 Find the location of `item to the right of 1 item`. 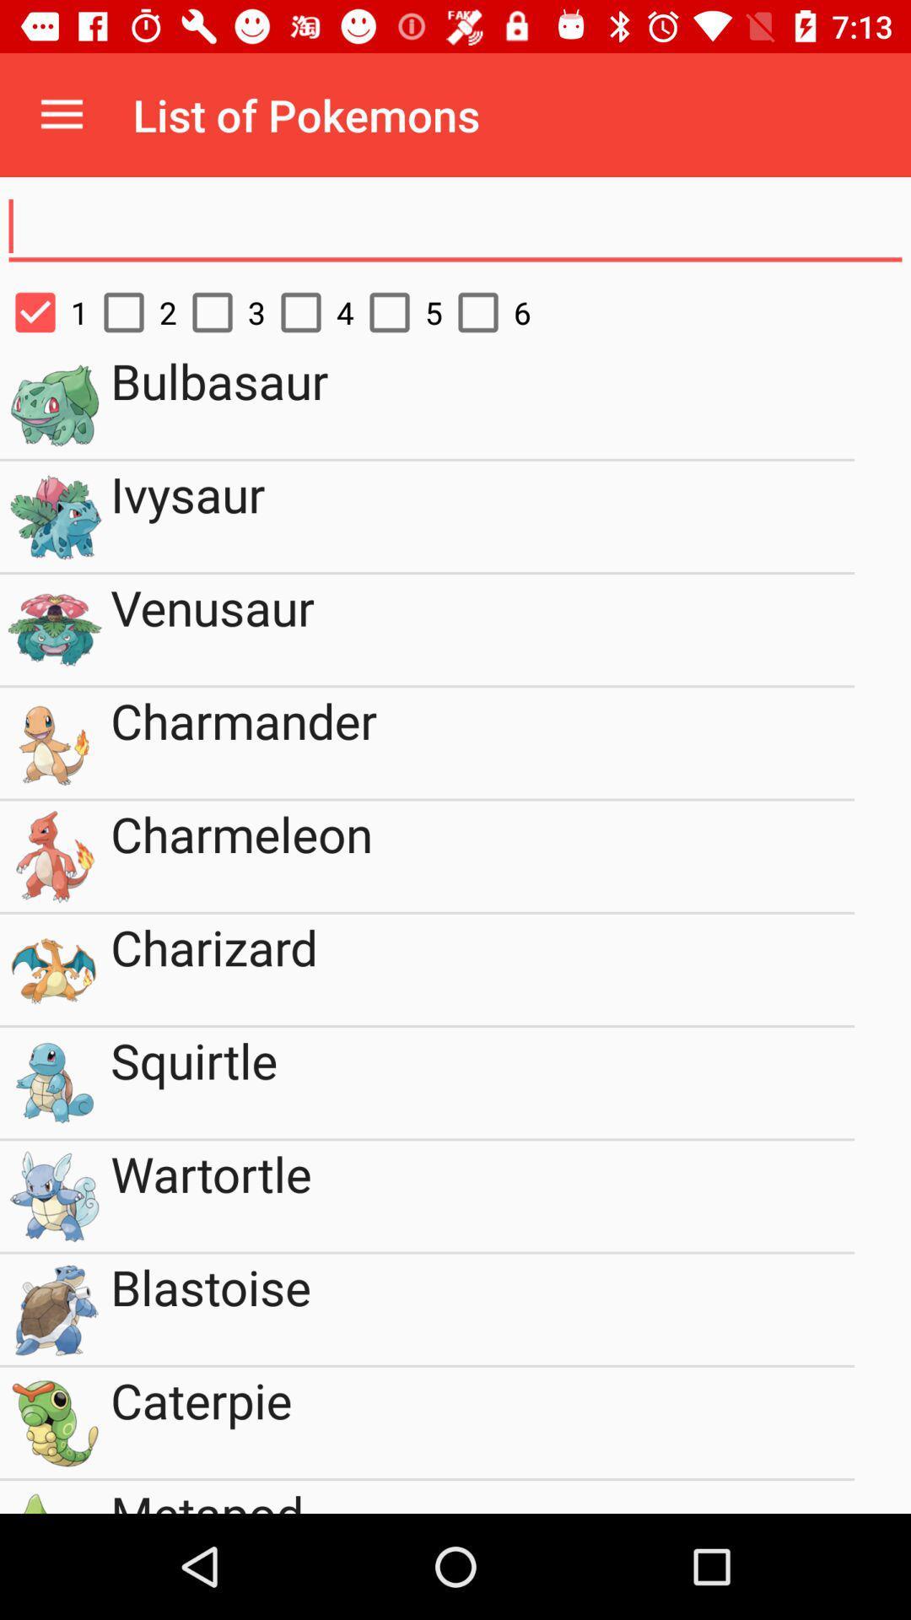

item to the right of 1 item is located at coordinates (132, 312).